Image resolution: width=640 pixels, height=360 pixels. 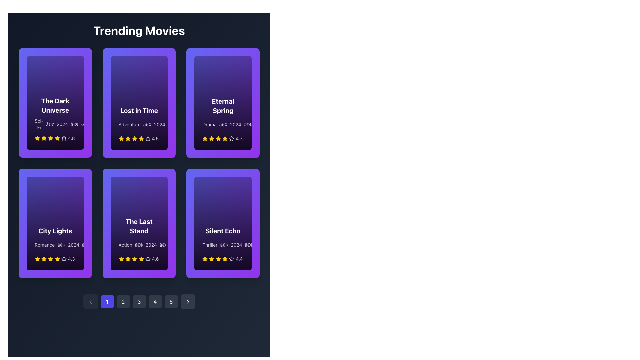 I want to click on text label 'Silent Echo' which serves as the title for the movie card located in the bottom-right of the grid, so click(x=223, y=231).